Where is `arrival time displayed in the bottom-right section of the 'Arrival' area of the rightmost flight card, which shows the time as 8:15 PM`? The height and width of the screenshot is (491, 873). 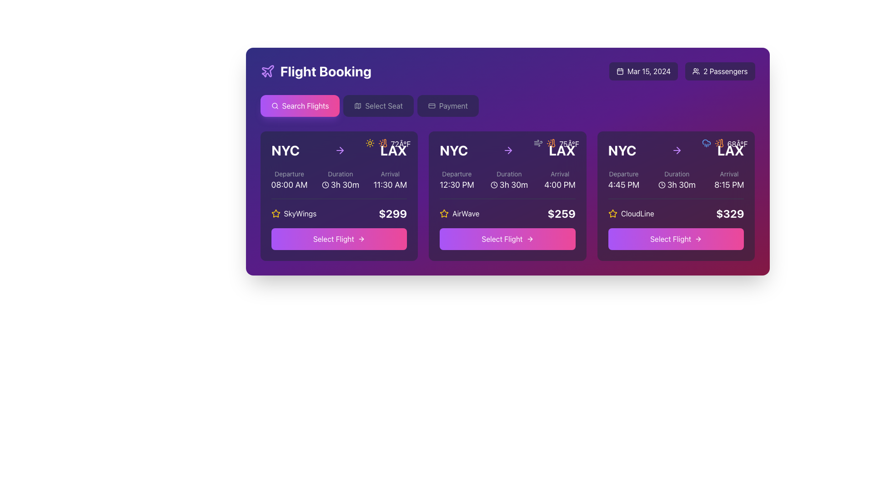
arrival time displayed in the bottom-right section of the 'Arrival' area of the rightmost flight card, which shows the time as 8:15 PM is located at coordinates (729, 180).